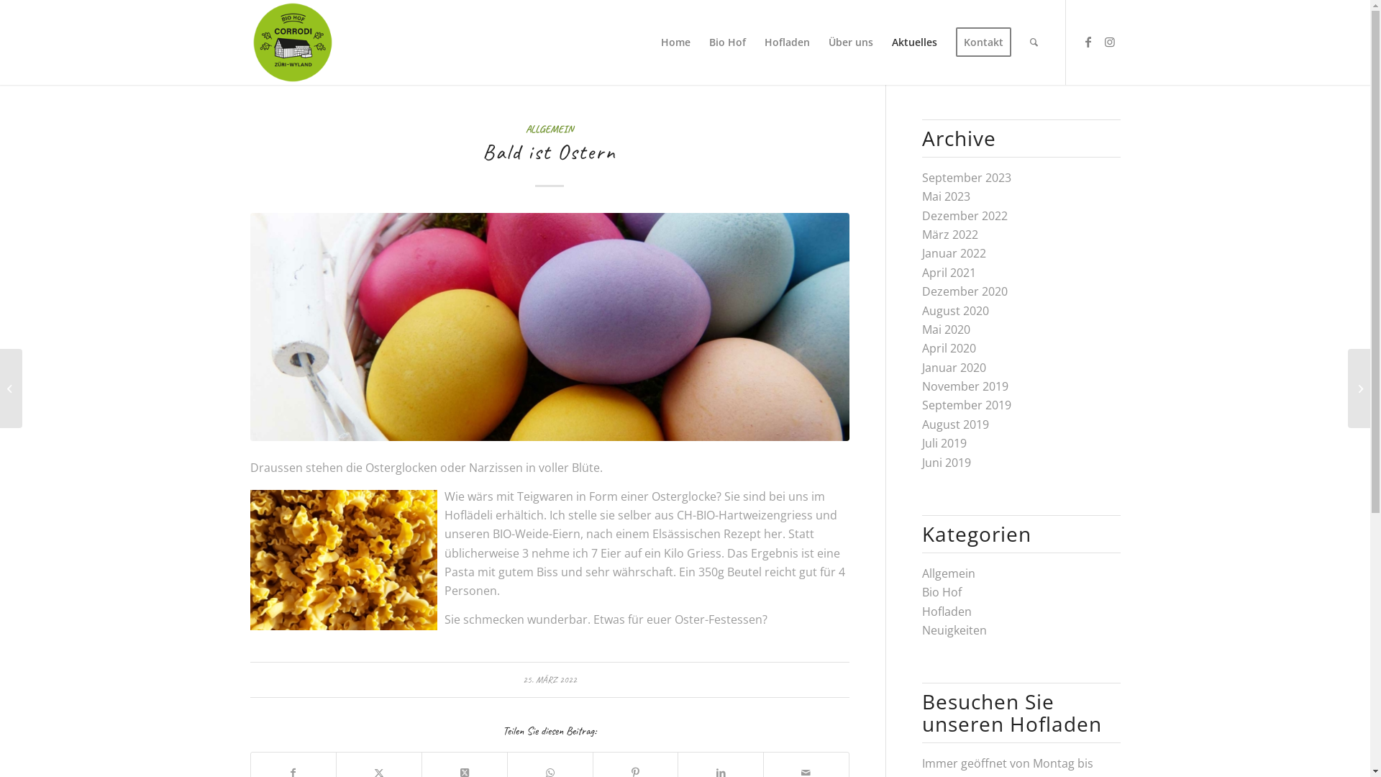 The image size is (1381, 777). What do you see at coordinates (786, 41) in the screenshot?
I see `'Hofladen'` at bounding box center [786, 41].